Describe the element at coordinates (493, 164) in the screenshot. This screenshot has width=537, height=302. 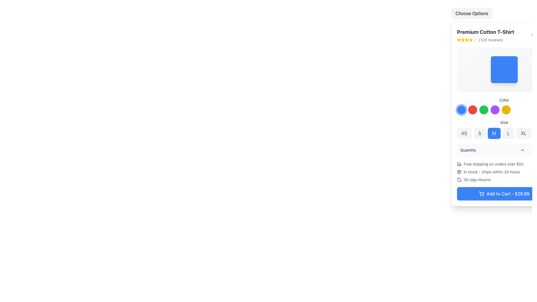
I see `the Informational Text that informs users about eligibility for free shipping, located in the right panel under the 'Quantity' section as the third text entry in a vertical list` at that location.